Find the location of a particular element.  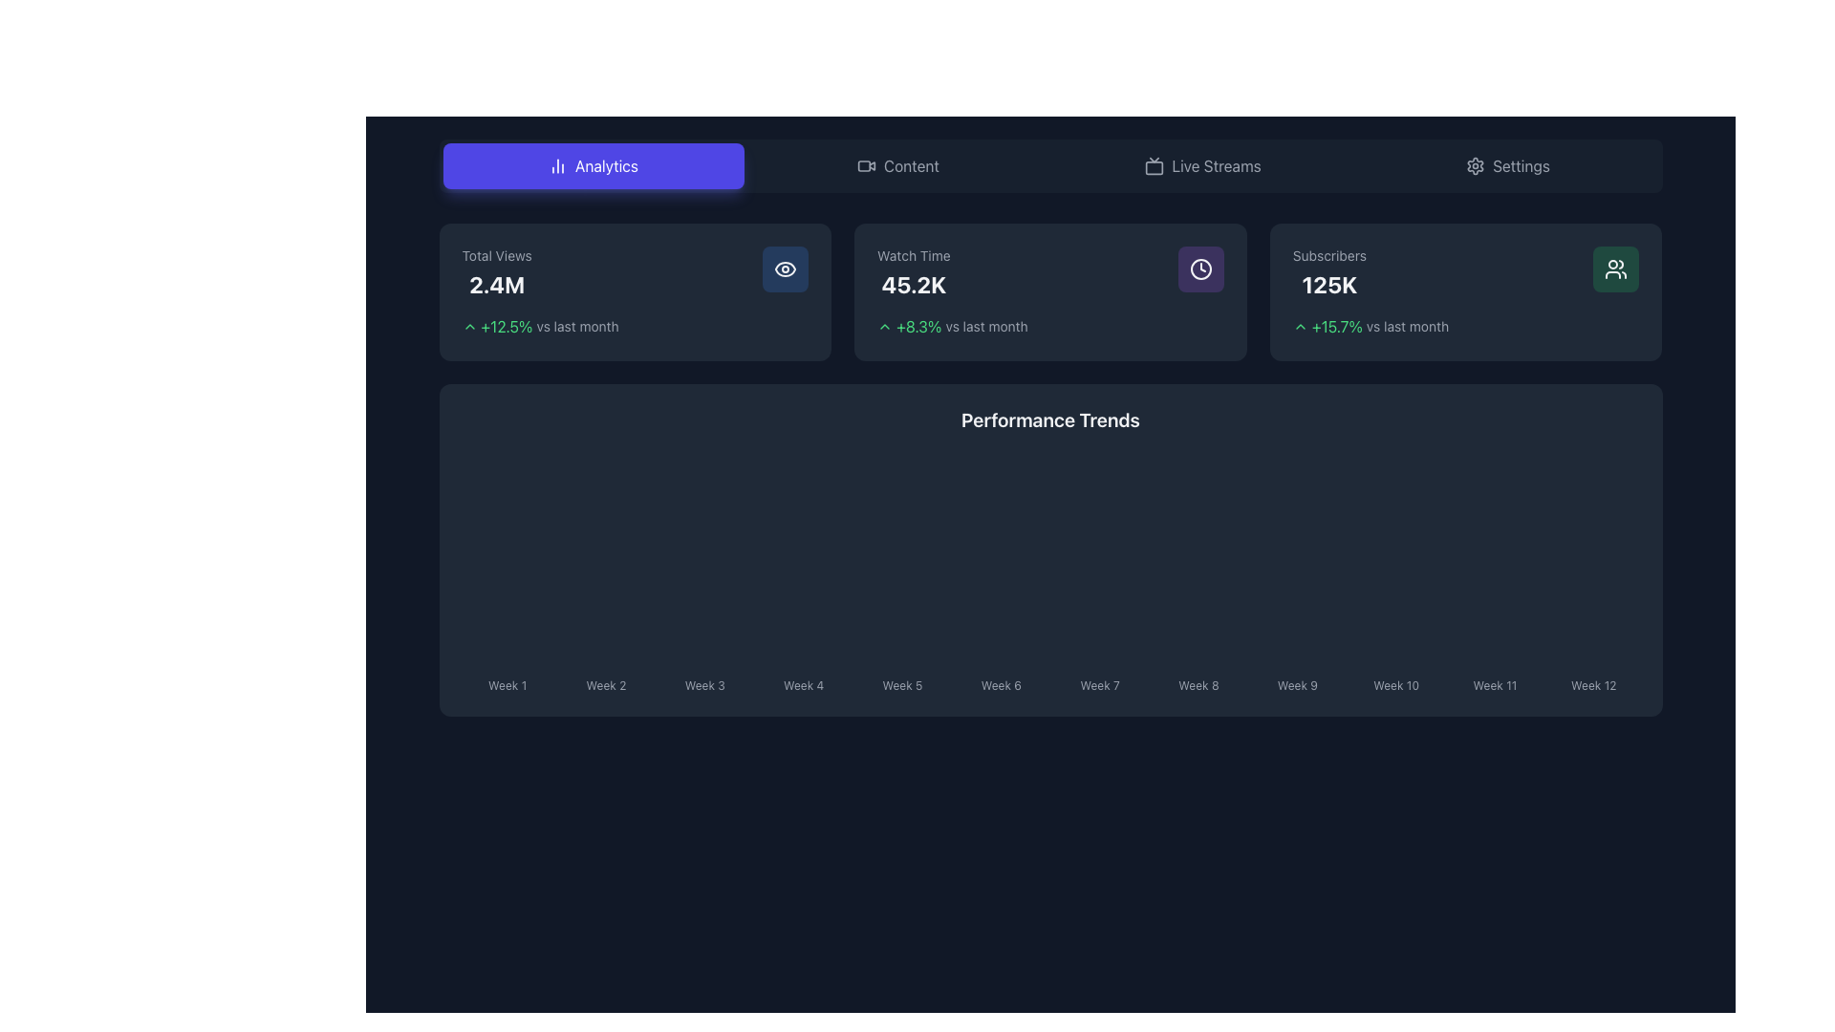

the icon indicating a positive trend, located to the left of the text '+12.5% vs last month' is located at coordinates (469, 326).